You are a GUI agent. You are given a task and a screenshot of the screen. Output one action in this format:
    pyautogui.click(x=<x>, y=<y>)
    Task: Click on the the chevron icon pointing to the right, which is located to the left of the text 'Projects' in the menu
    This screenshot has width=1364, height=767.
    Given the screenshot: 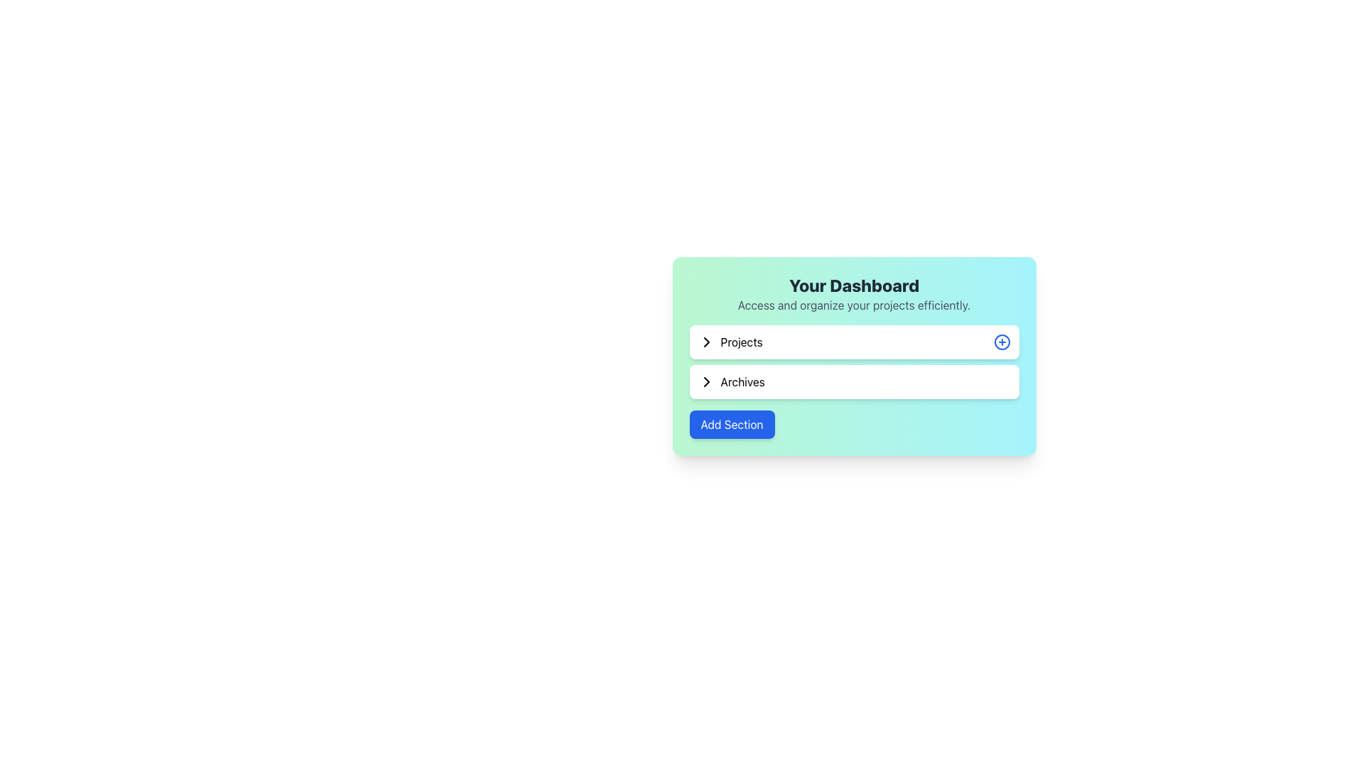 What is the action you would take?
    pyautogui.click(x=706, y=342)
    